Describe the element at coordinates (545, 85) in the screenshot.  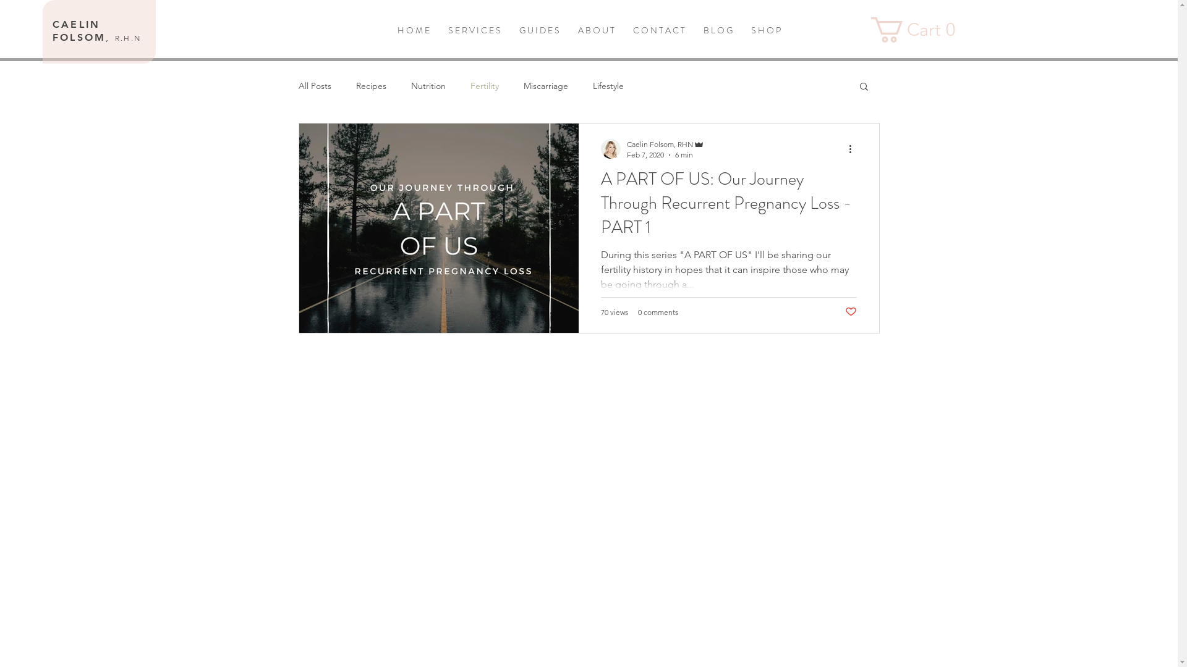
I see `'Miscarriage'` at that location.